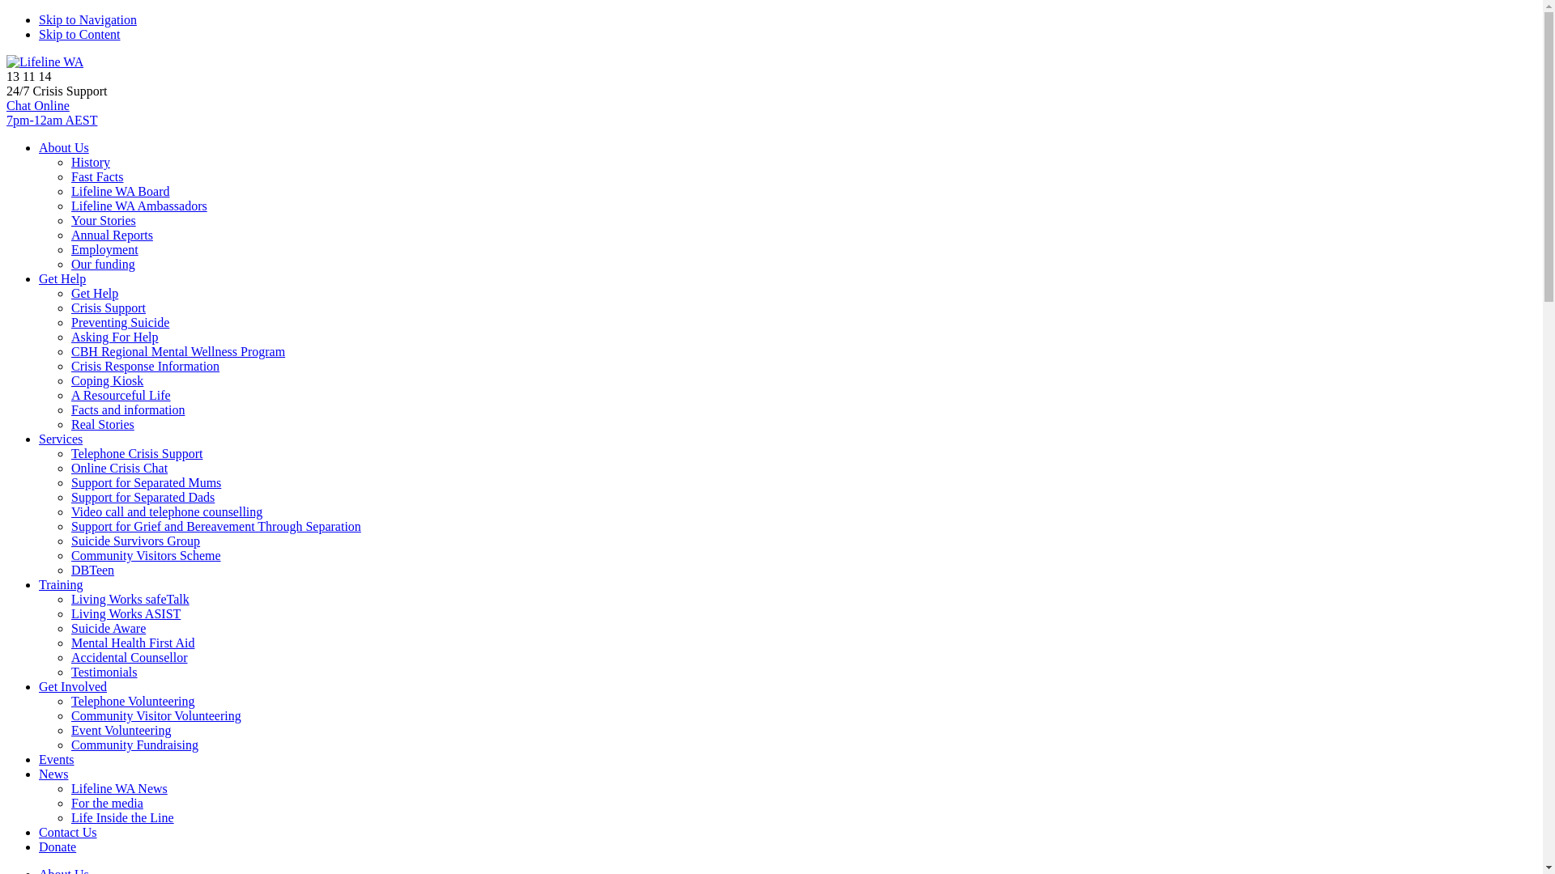  What do you see at coordinates (132, 700) in the screenshot?
I see `'Telephone Volunteering'` at bounding box center [132, 700].